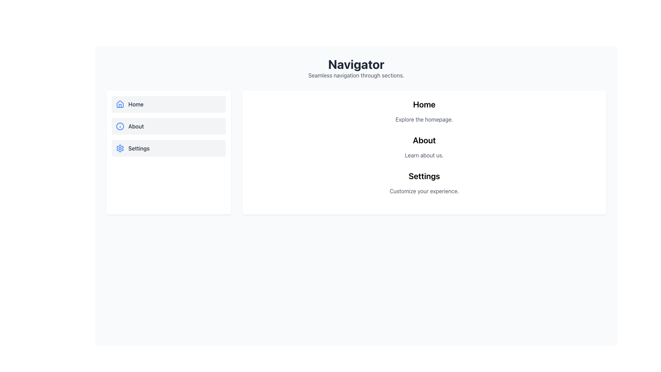 Image resolution: width=661 pixels, height=372 pixels. Describe the element at coordinates (424, 147) in the screenshot. I see `the descriptive text block titled 'About' which features a subtitle 'Learn about us.'` at that location.